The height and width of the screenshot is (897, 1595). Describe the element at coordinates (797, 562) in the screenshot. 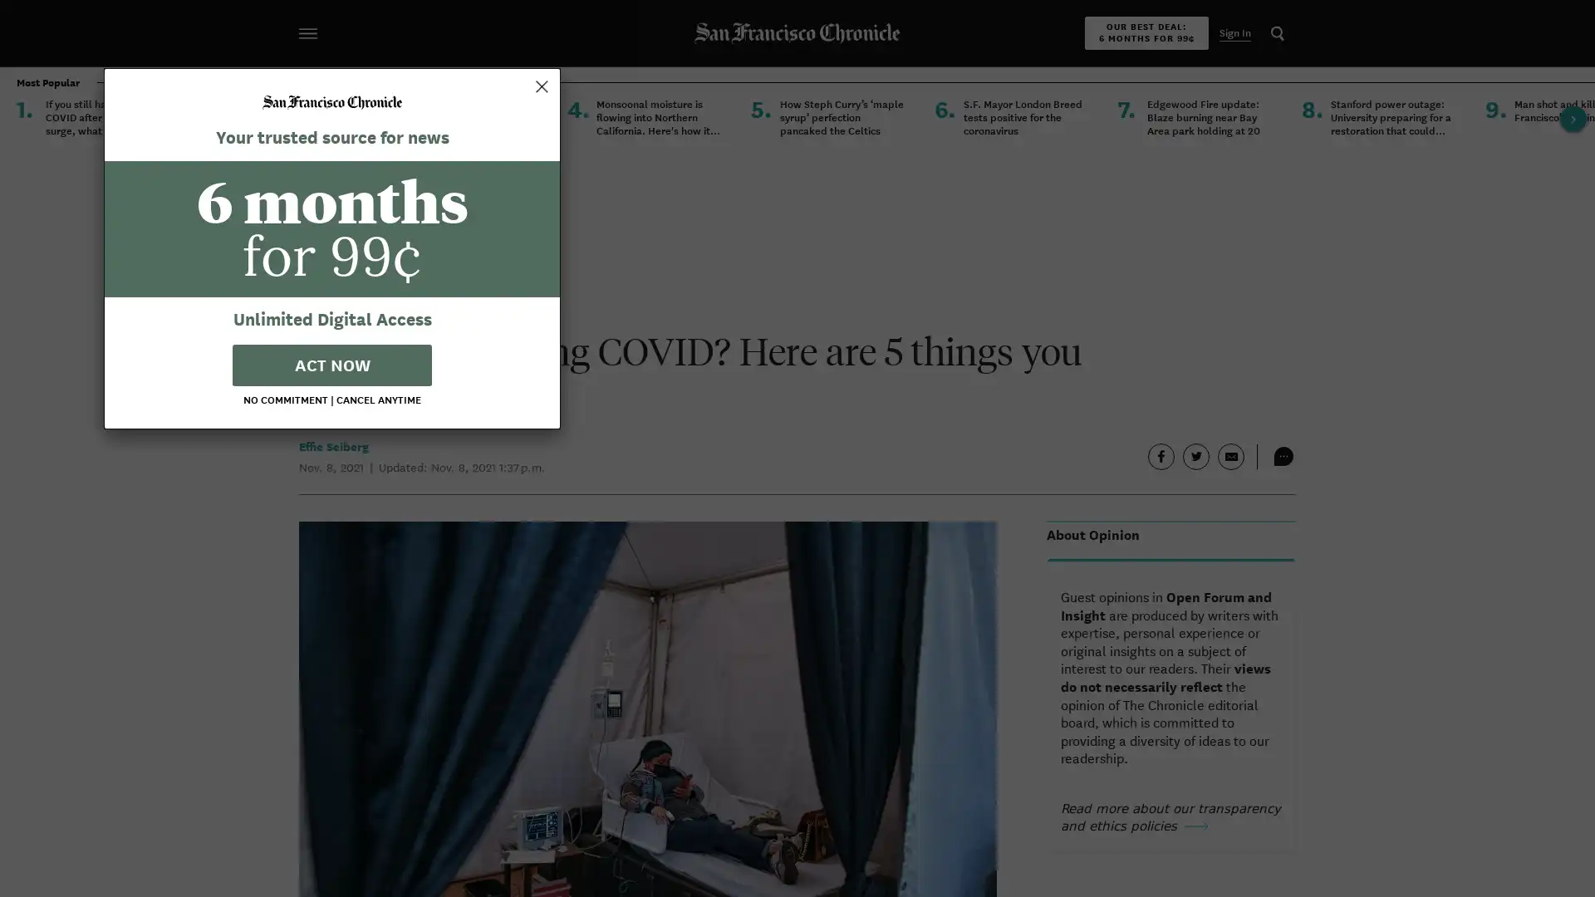

I see `ACT NOW` at that location.